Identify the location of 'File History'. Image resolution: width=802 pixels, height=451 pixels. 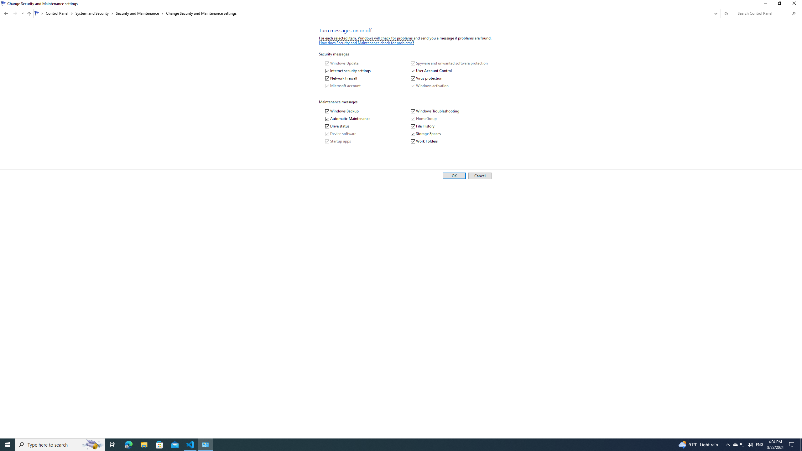
(423, 126).